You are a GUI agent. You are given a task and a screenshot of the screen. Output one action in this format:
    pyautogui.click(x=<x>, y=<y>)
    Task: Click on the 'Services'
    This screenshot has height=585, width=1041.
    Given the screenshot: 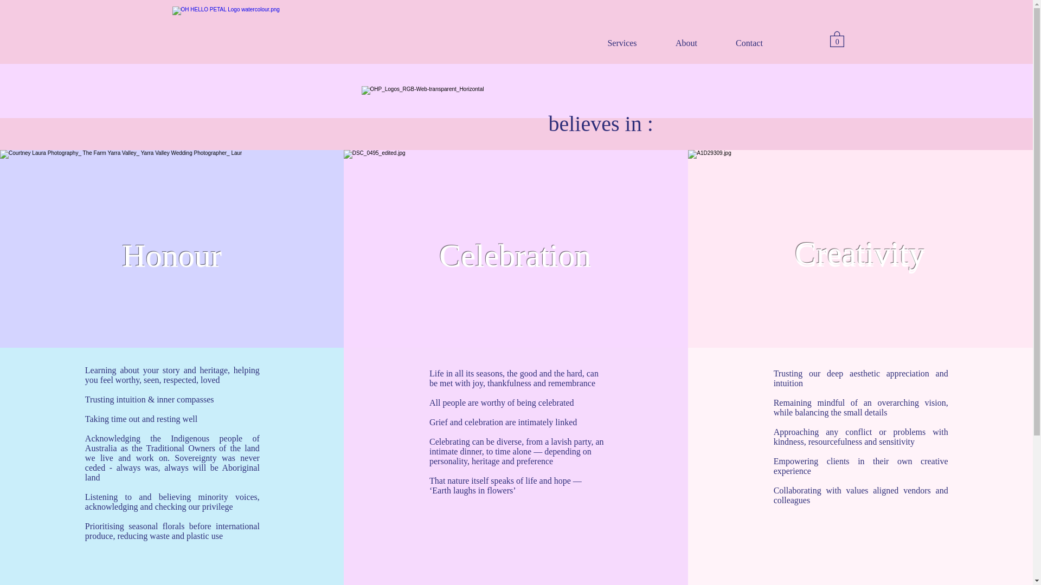 What is the action you would take?
    pyautogui.click(x=622, y=41)
    